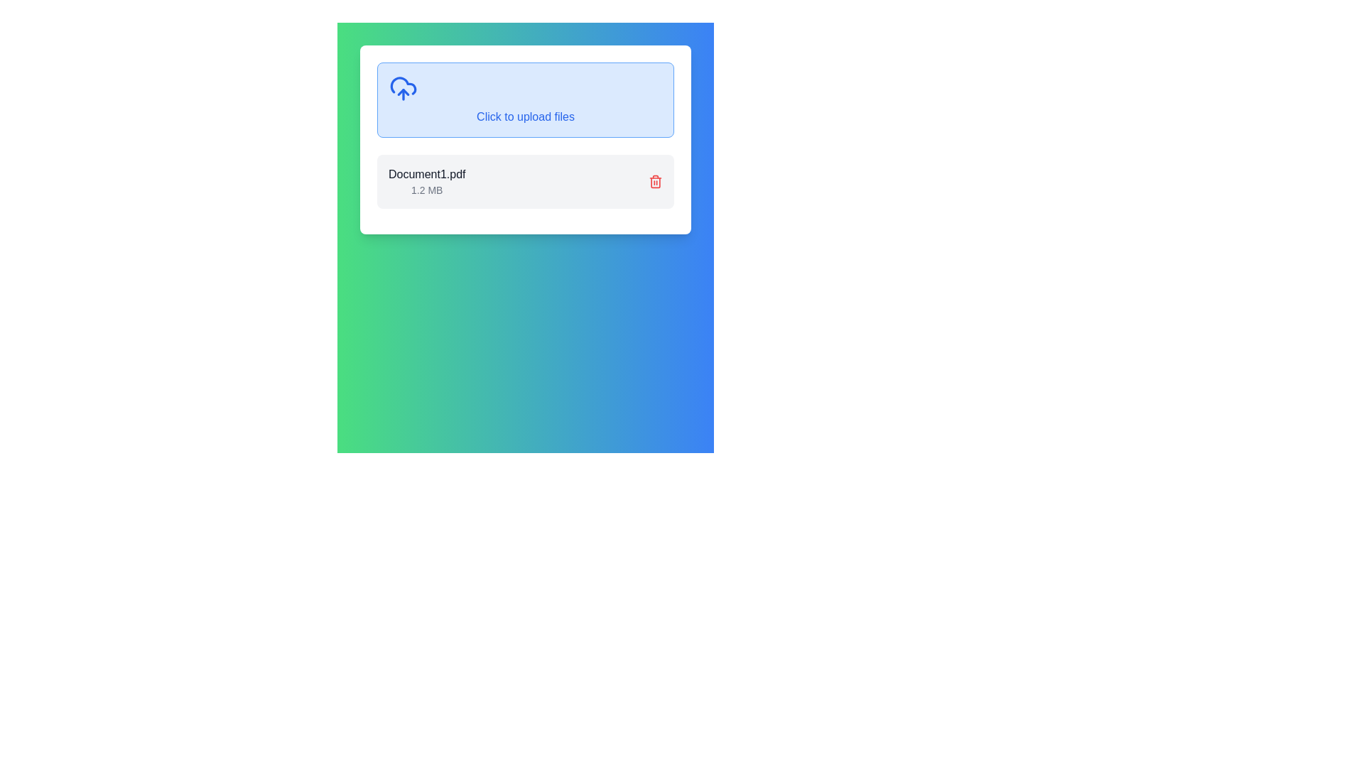 The height and width of the screenshot is (767, 1364). I want to click on the center of the text label displaying 'Click to upload files' in blue font, which is positioned in a light blue area for file uploads, so click(524, 114).